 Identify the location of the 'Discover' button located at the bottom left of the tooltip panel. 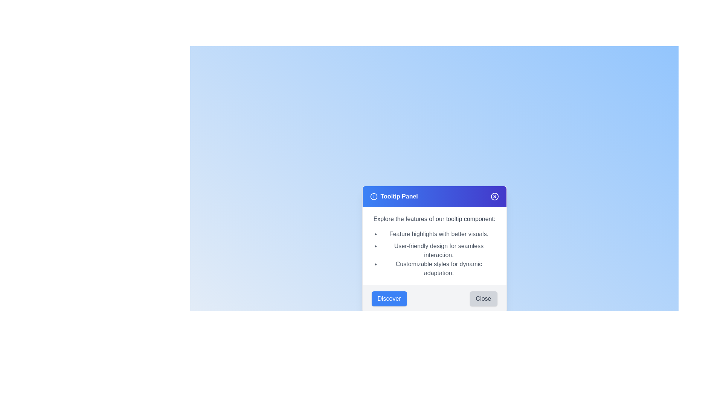
(389, 298).